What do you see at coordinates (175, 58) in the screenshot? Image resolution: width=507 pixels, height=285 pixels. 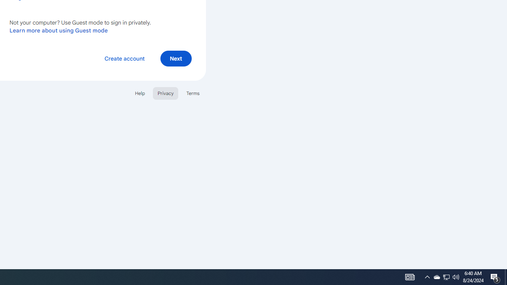 I see `'Next'` at bounding box center [175, 58].